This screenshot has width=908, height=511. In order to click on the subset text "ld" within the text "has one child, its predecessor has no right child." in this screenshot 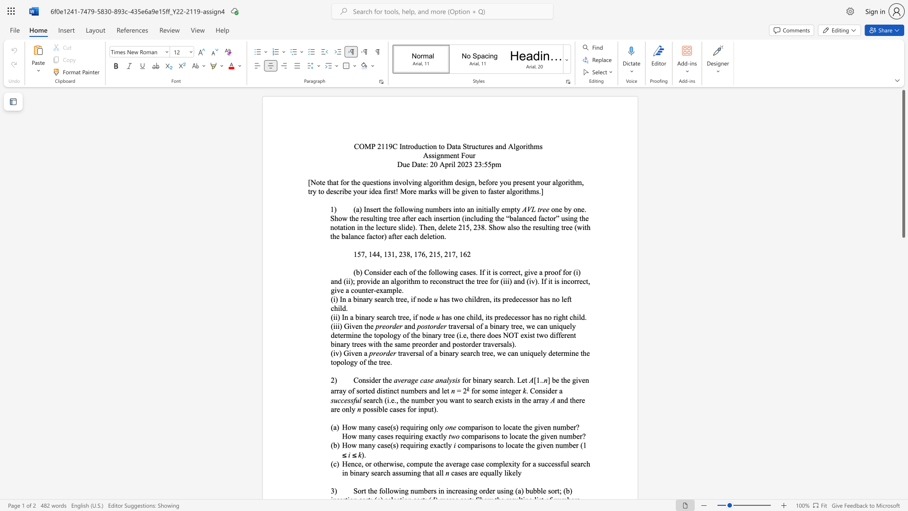, I will do `click(578, 317)`.